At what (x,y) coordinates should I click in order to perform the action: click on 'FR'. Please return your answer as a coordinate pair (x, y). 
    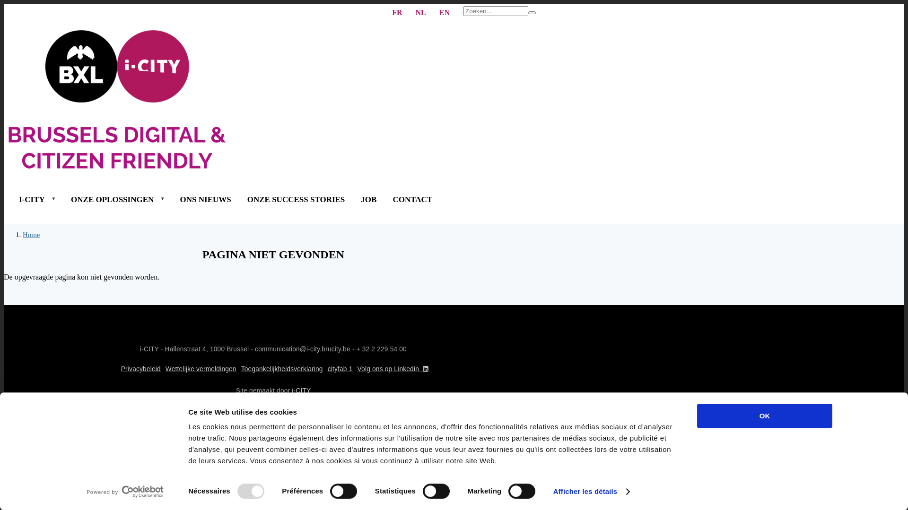
    Looking at the image, I should click on (397, 12).